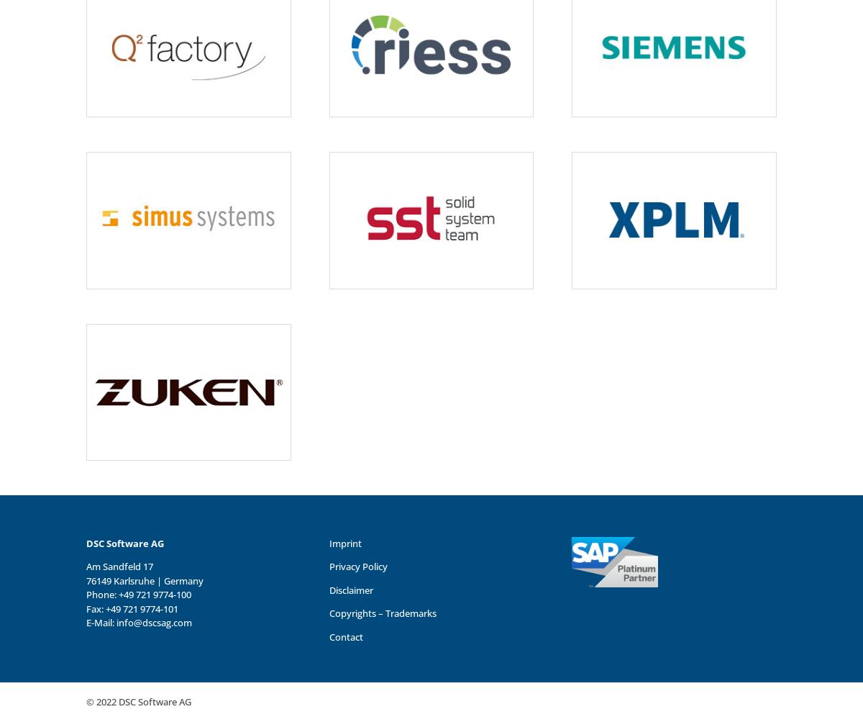 The image size is (863, 722). Describe the element at coordinates (344, 636) in the screenshot. I see `'Contact'` at that location.